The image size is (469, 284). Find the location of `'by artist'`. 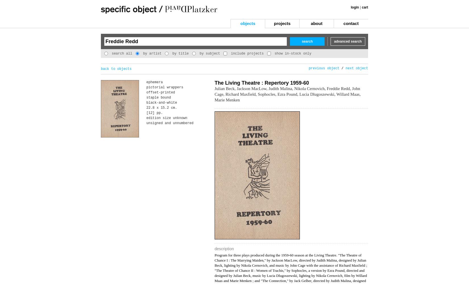

'by artist' is located at coordinates (151, 53).